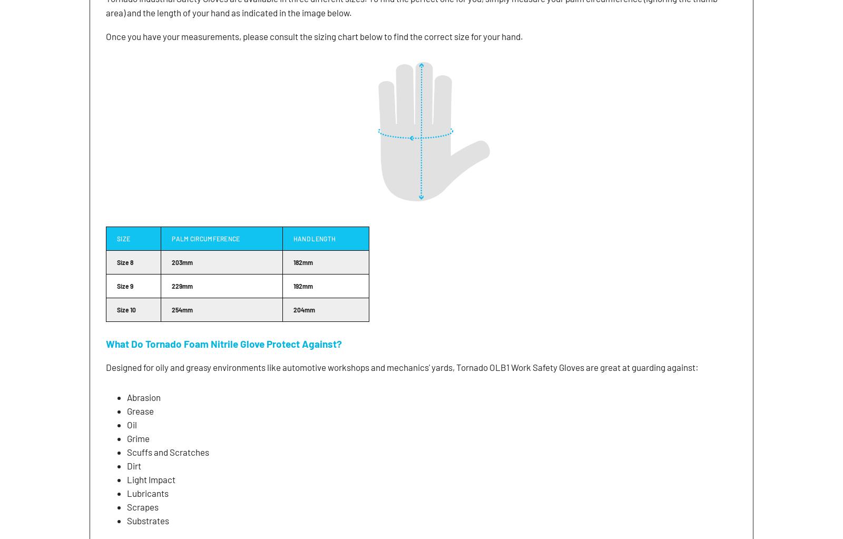 This screenshot has width=843, height=539. Describe the element at coordinates (182, 261) in the screenshot. I see `'203mm'` at that location.